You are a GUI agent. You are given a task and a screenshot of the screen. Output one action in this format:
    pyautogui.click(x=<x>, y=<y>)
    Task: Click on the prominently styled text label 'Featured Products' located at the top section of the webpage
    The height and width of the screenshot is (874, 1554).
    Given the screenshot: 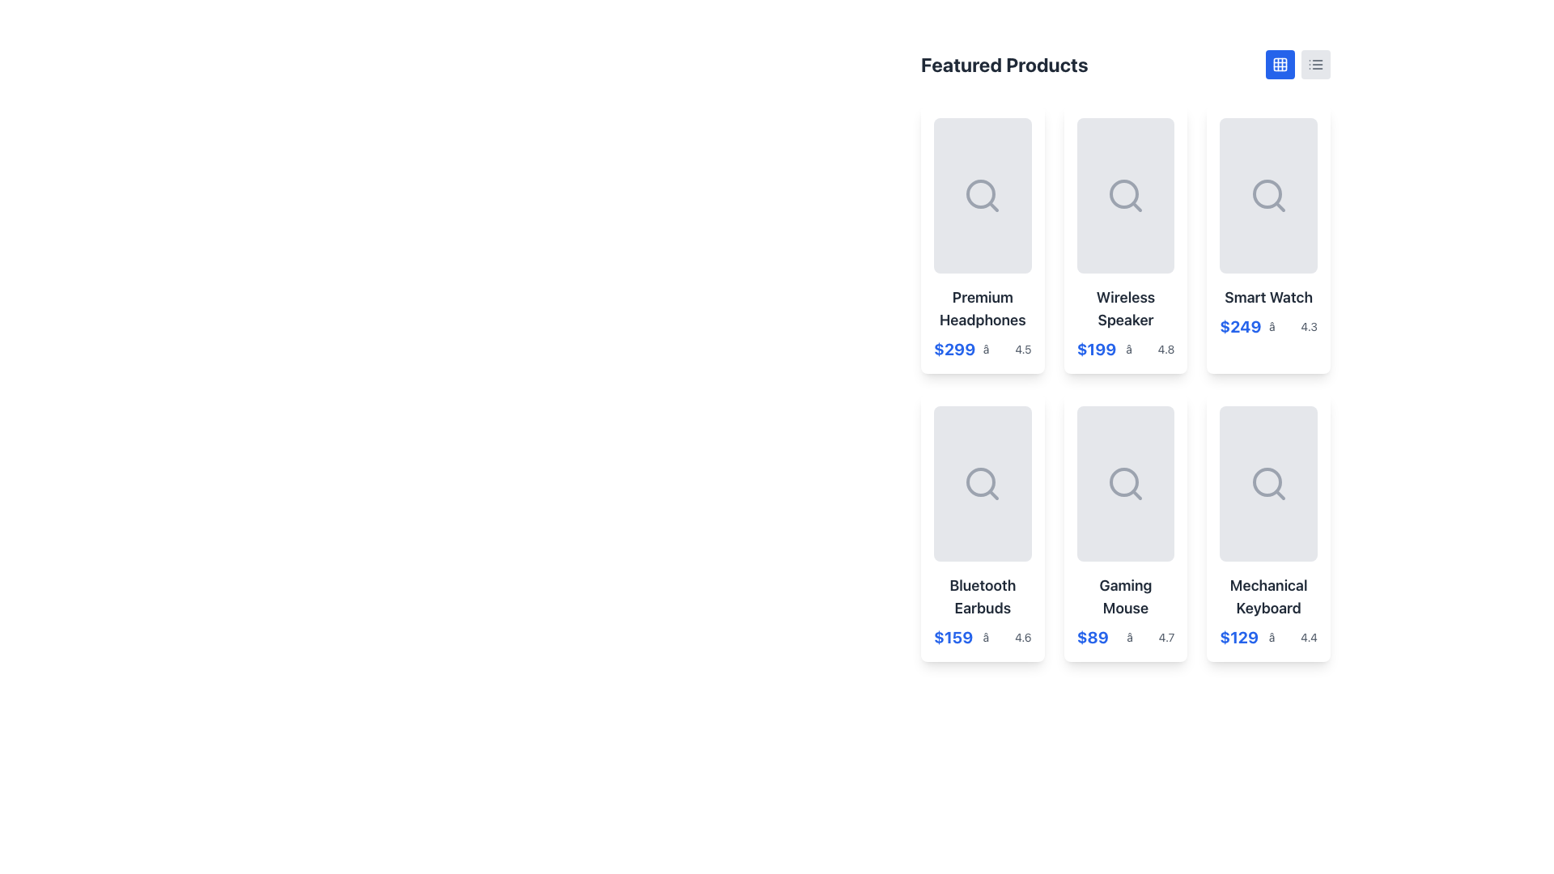 What is the action you would take?
    pyautogui.click(x=1004, y=64)
    